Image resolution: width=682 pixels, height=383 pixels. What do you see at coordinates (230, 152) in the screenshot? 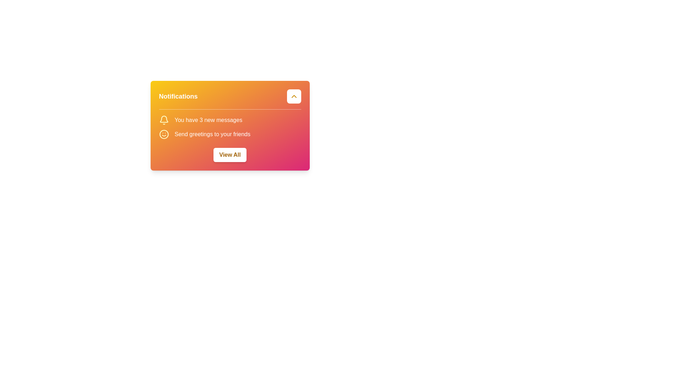
I see `the button located at the bottom center of the notification card` at bounding box center [230, 152].